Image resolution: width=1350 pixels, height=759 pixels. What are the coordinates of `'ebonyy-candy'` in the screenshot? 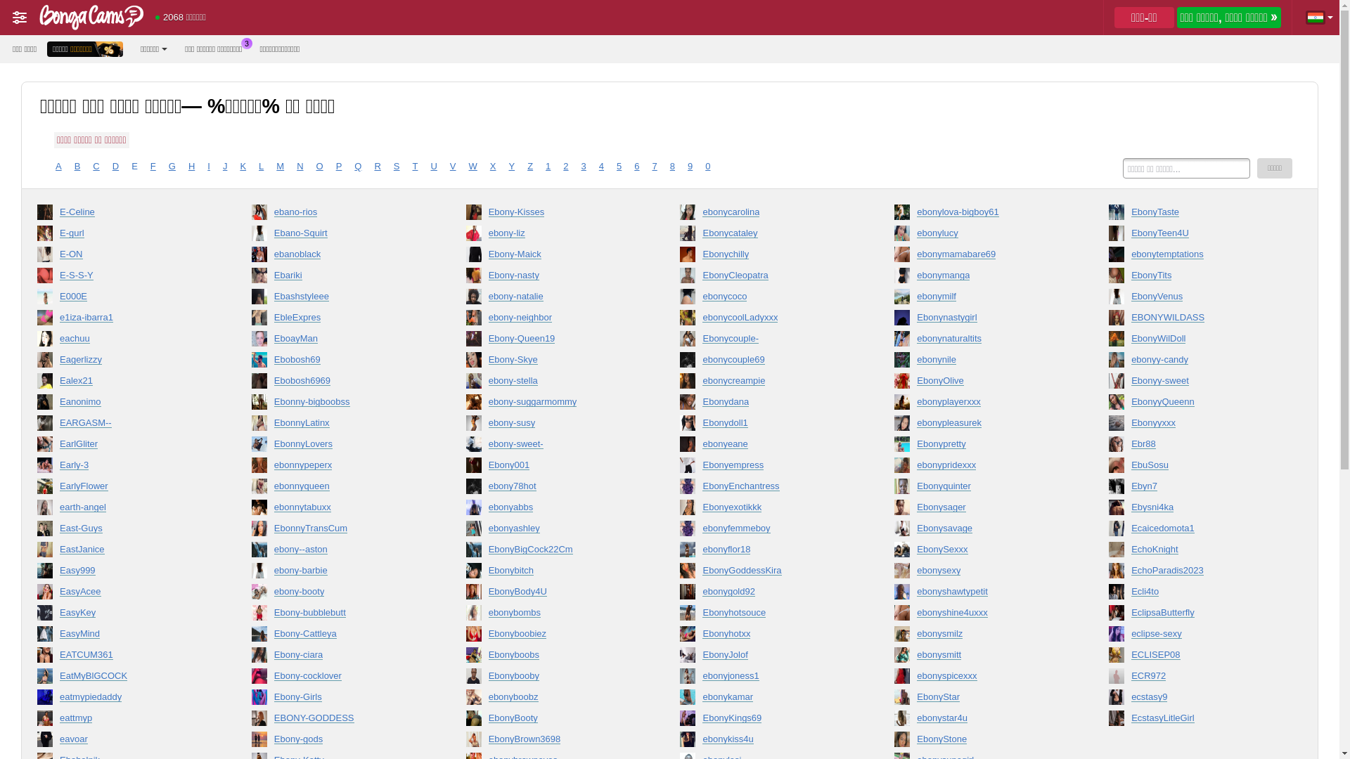 It's located at (1108, 362).